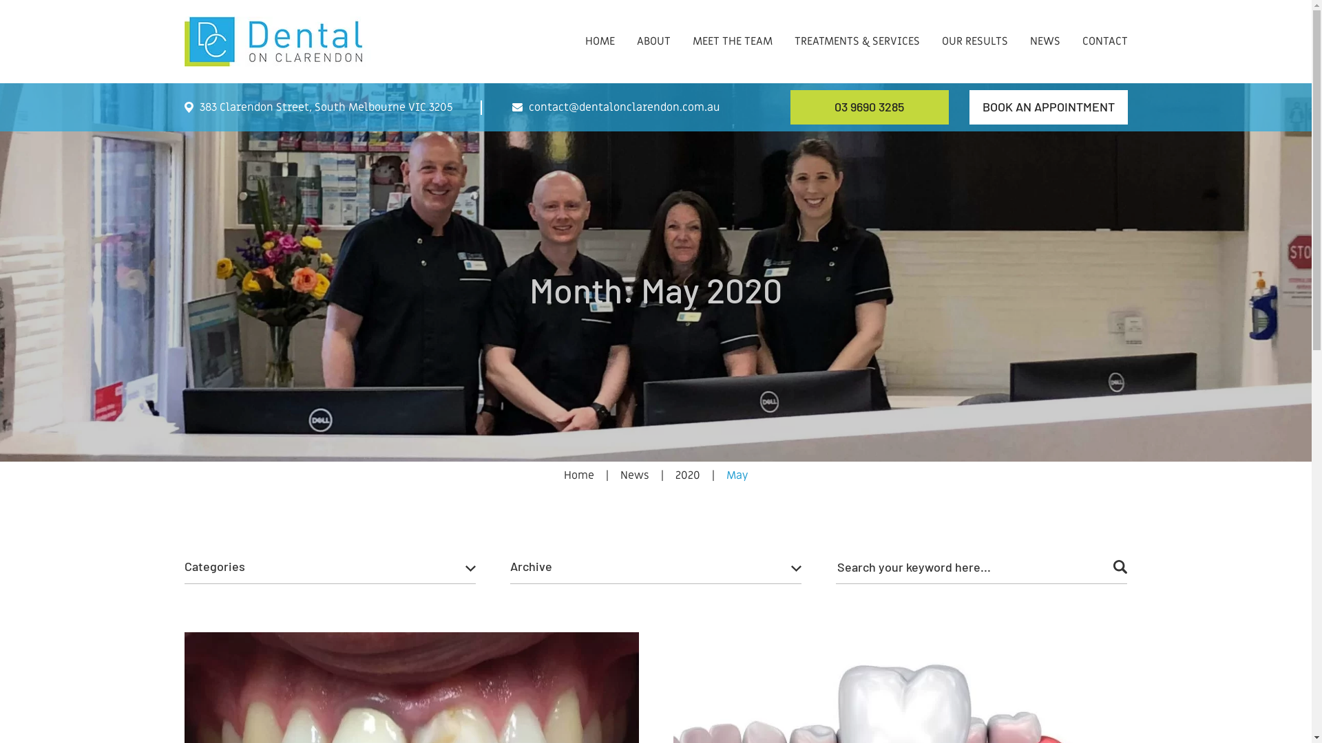 The image size is (1322, 743). I want to click on 'BOOK AN APPOINTMENT', so click(968, 106).